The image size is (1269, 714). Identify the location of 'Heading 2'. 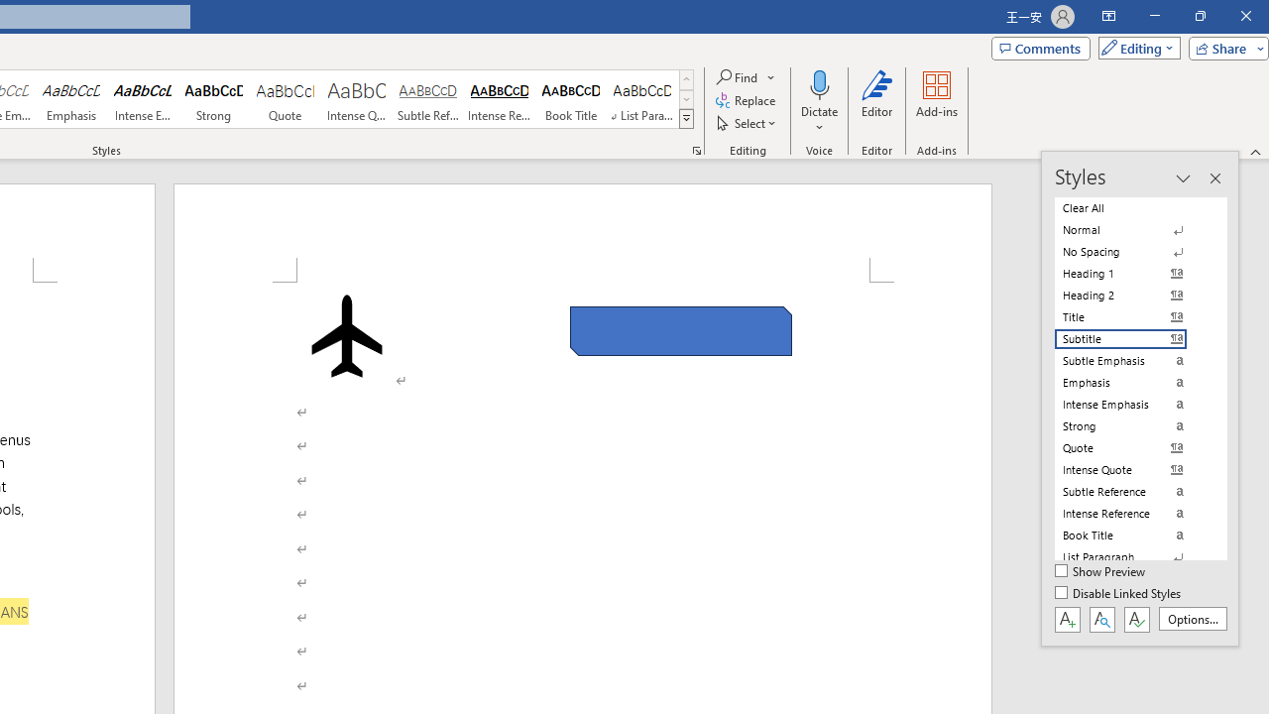
(1132, 296).